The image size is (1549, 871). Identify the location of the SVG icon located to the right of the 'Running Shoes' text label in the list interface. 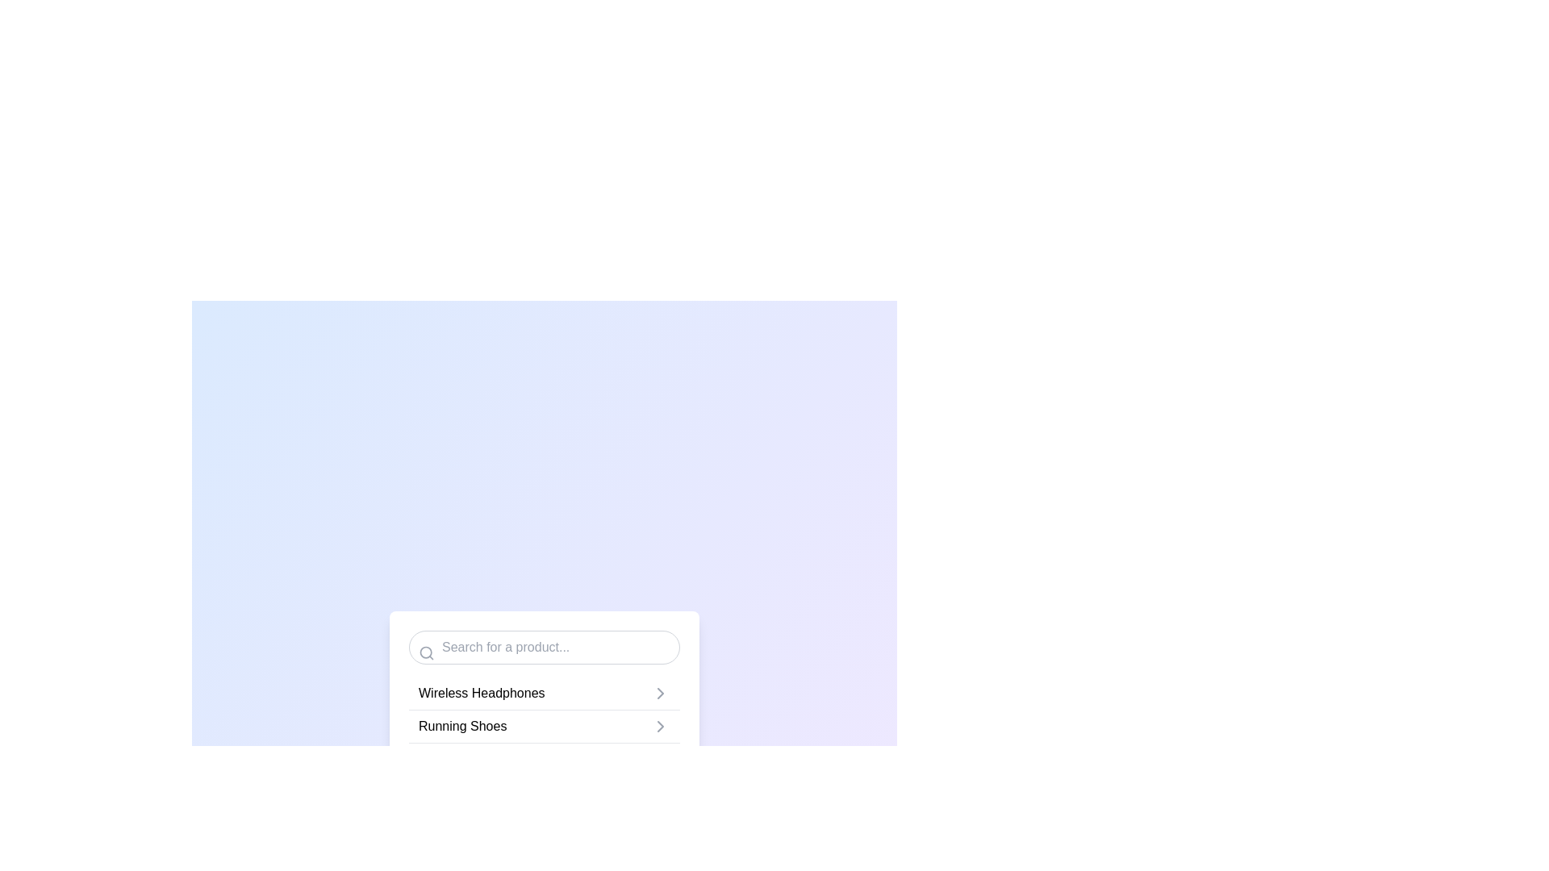
(661, 727).